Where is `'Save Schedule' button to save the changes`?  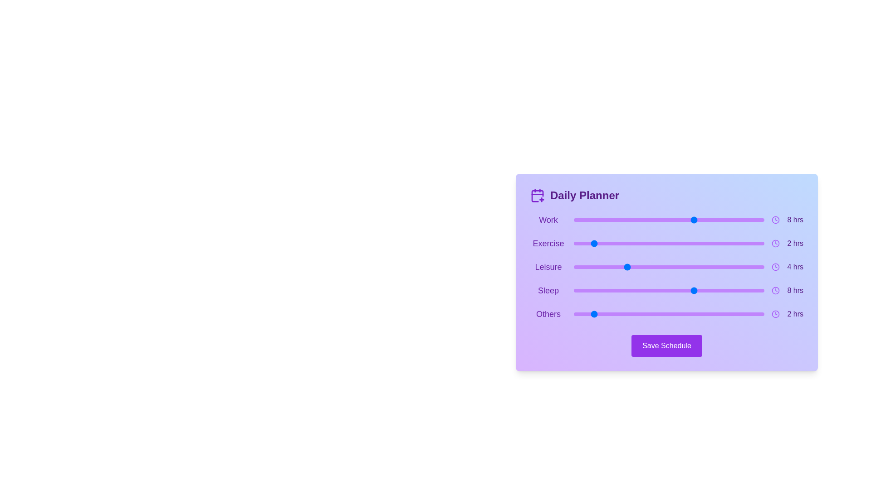 'Save Schedule' button to save the changes is located at coordinates (666, 345).